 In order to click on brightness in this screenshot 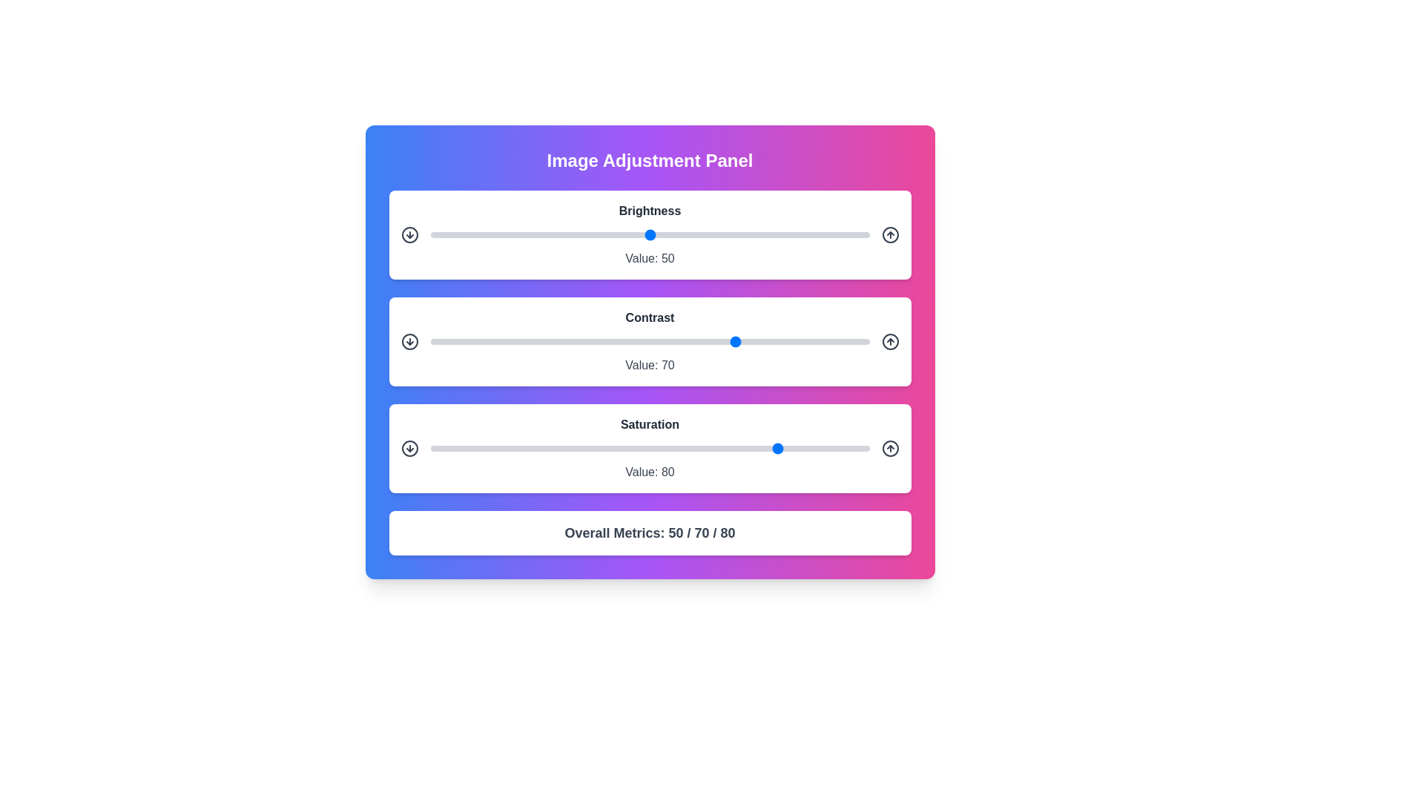, I will do `click(688, 234)`.